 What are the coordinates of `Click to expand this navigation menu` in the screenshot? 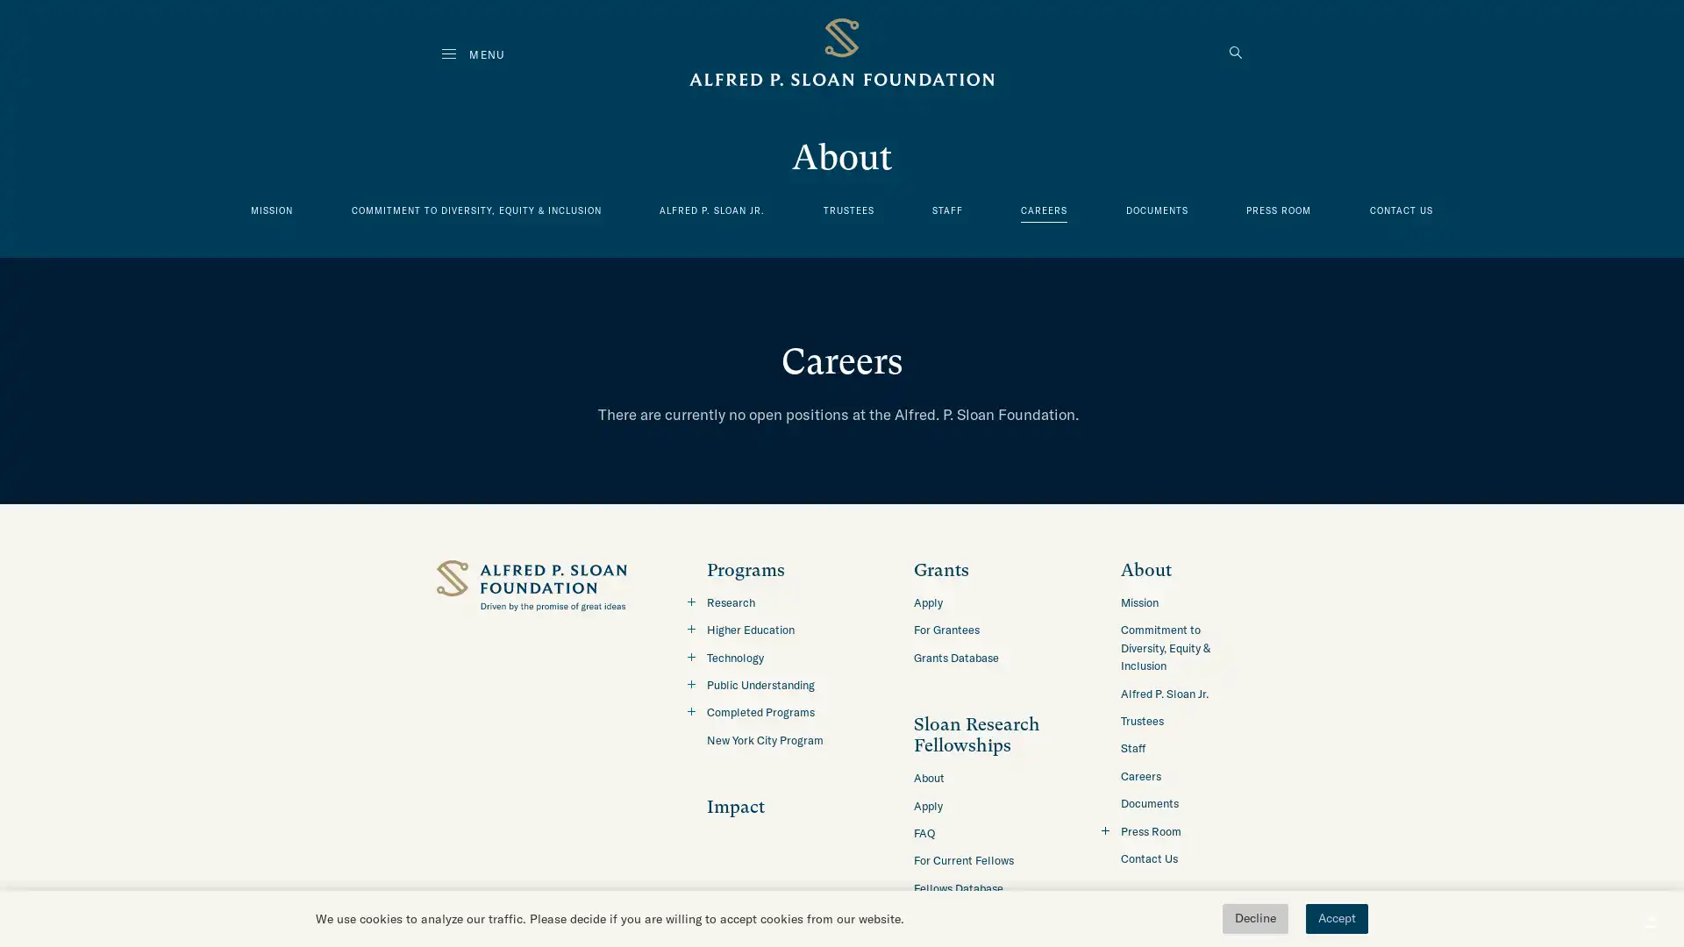 It's located at (689, 628).